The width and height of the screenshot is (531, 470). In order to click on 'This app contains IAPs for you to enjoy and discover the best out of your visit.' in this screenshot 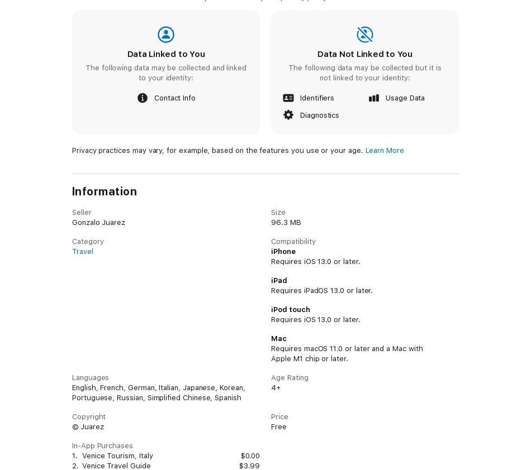, I will do `click(206, 64)`.